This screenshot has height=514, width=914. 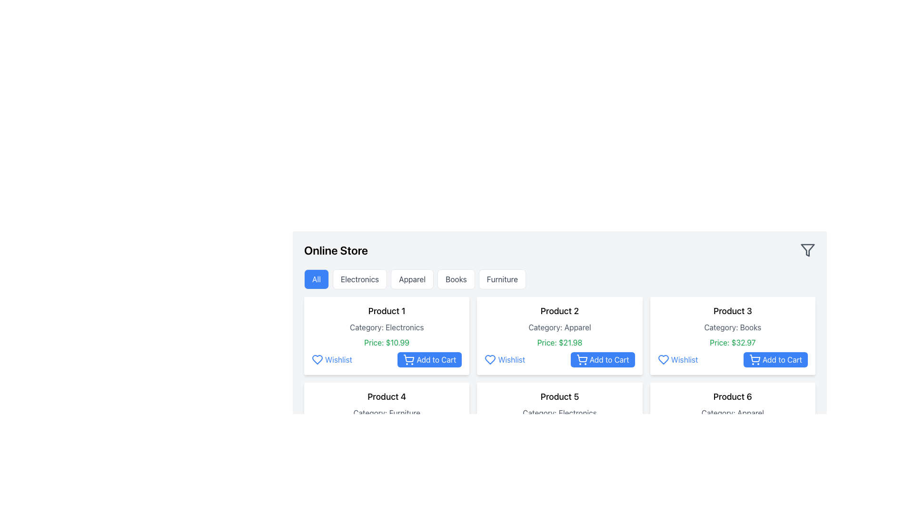 I want to click on the heart-shaped icon with a blue outline and white fill, located above the 'Wishlist' label for Product 1 in the 'Online Store' interface, so click(x=318, y=360).